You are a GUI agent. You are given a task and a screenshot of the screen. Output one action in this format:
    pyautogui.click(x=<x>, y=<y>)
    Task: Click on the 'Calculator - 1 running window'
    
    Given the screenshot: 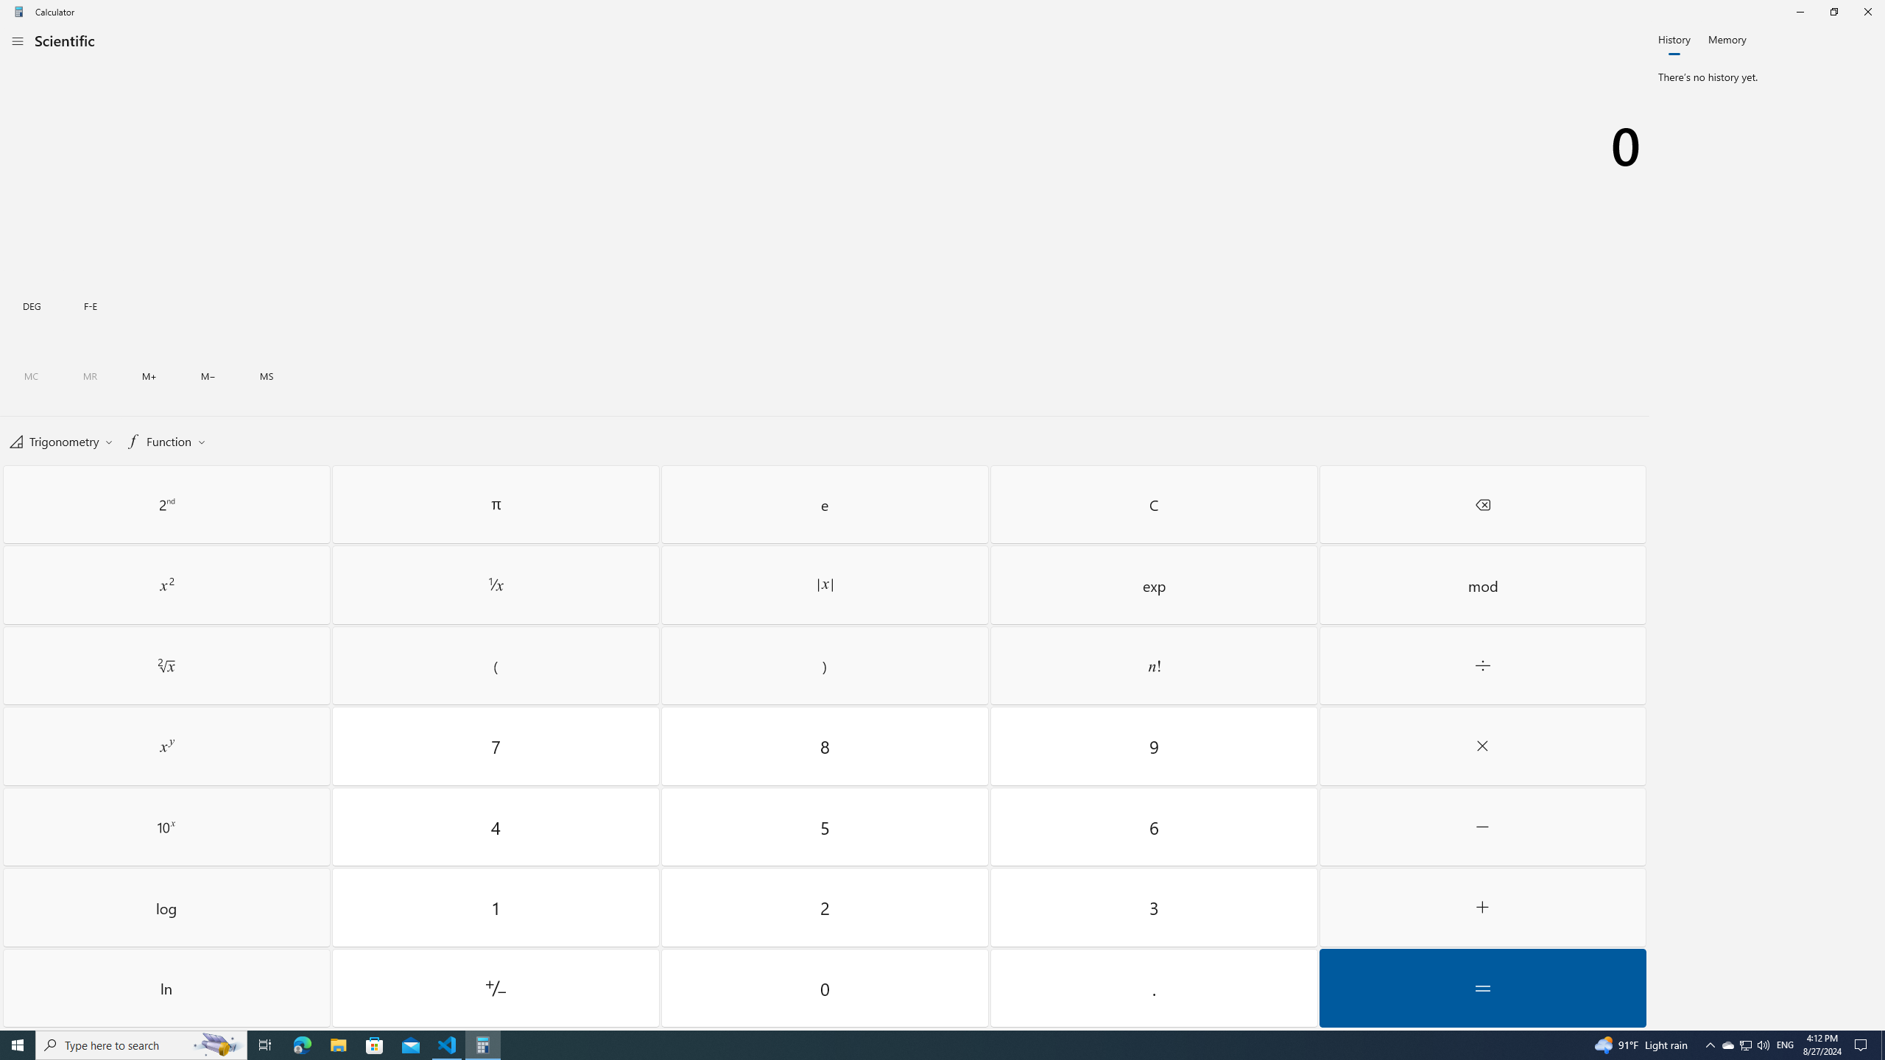 What is the action you would take?
    pyautogui.click(x=483, y=1044)
    